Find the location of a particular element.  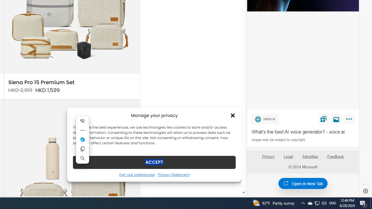

'Privacy' is located at coordinates (268, 156).